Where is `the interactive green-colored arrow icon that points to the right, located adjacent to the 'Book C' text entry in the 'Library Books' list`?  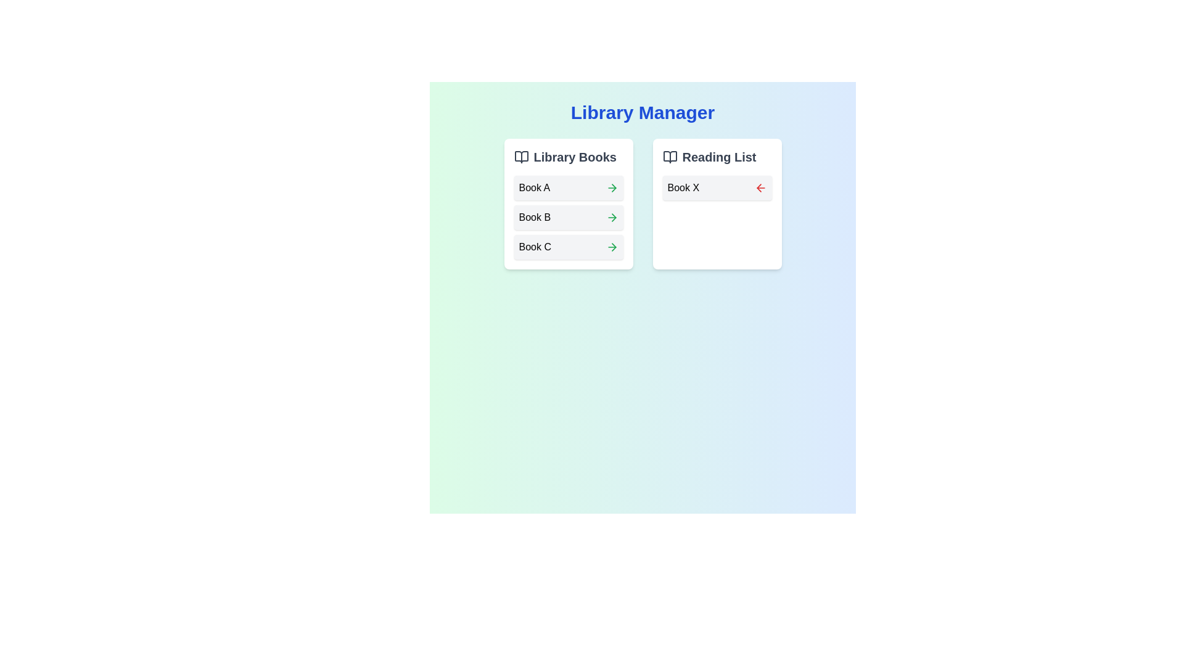 the interactive green-colored arrow icon that points to the right, located adjacent to the 'Book C' text entry in the 'Library Books' list is located at coordinates (612, 247).